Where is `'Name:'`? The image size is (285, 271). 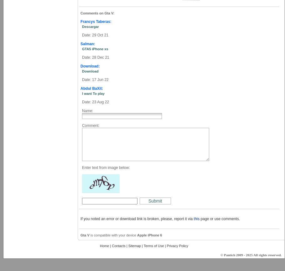
'Name:' is located at coordinates (87, 111).